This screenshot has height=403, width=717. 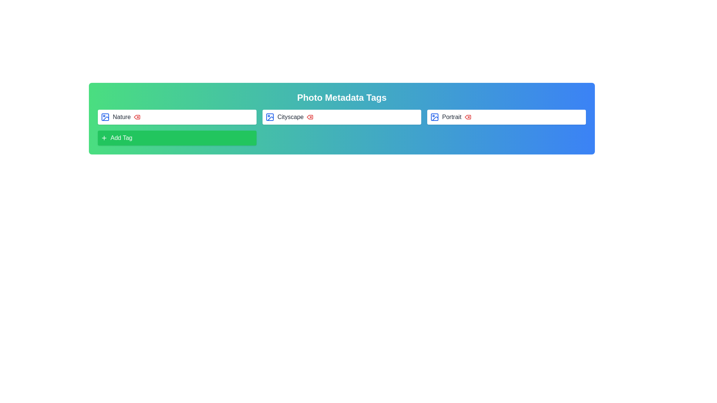 What do you see at coordinates (434, 117) in the screenshot?
I see `the first graphical sub-element of the 'Portrait' tag's icon, which is a rectangular shape with rounded corners` at bounding box center [434, 117].